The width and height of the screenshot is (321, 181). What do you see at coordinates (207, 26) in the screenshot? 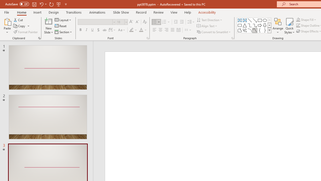
I see `'Align Text'` at bounding box center [207, 26].